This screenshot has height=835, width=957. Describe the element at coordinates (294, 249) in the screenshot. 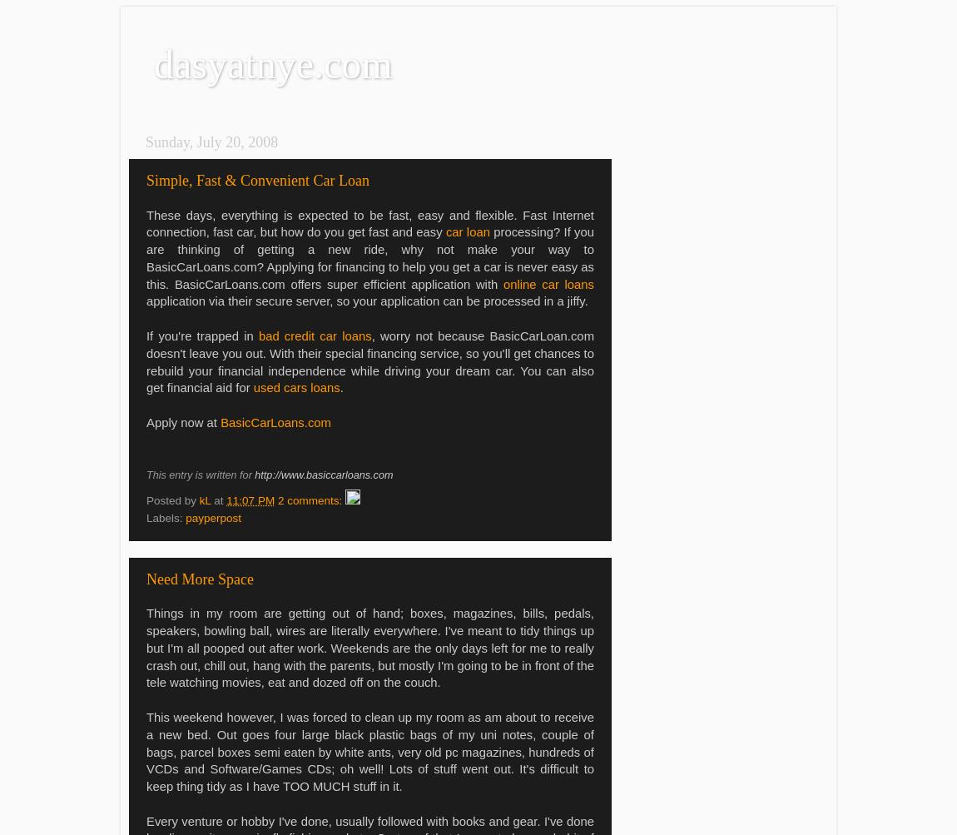

I see `'a new ride, why not make your way to'` at that location.